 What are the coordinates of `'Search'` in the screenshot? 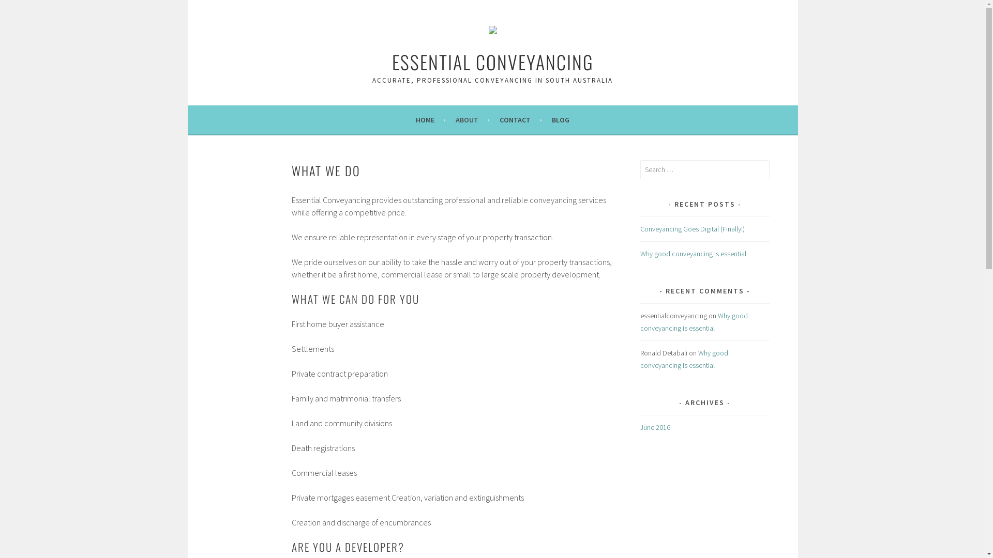 It's located at (18, 9).